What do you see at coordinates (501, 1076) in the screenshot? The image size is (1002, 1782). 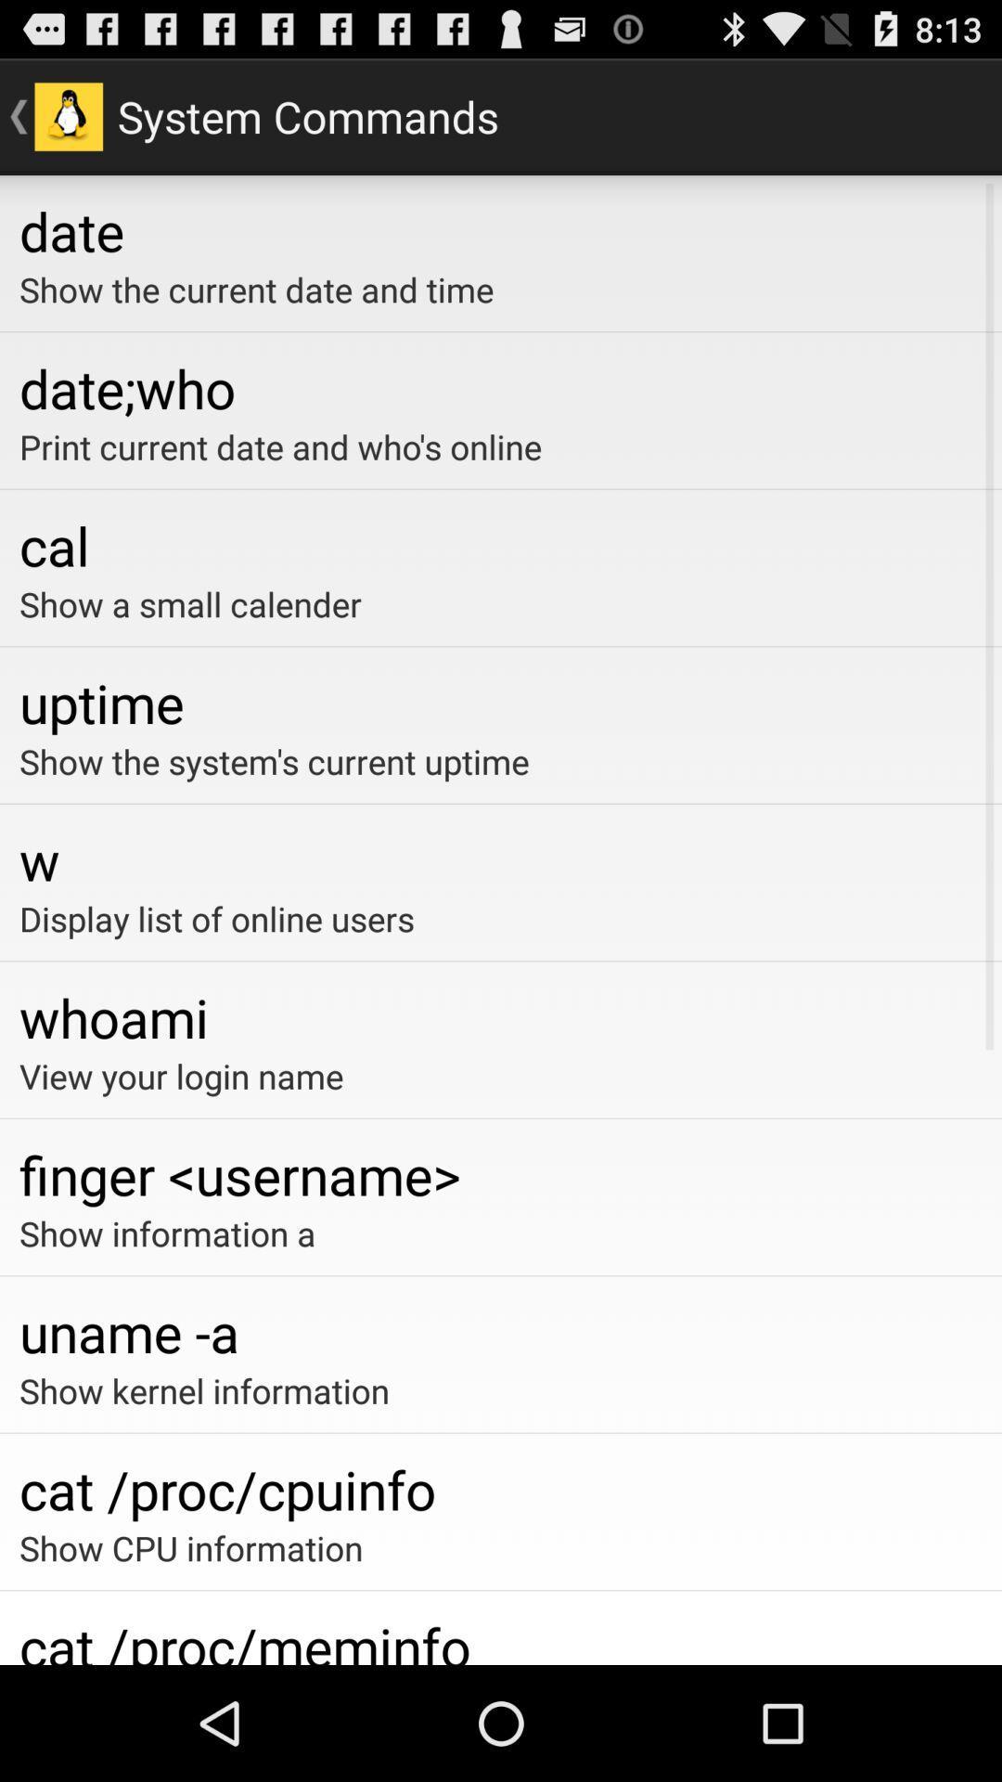 I see `app below whoami` at bounding box center [501, 1076].